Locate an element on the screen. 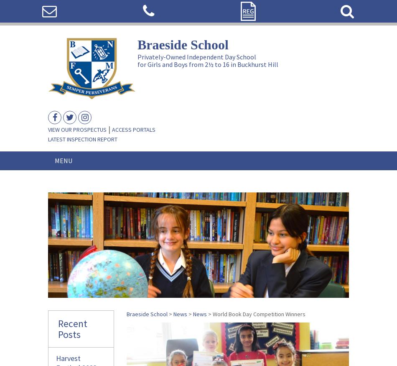  'Privately-Owned Independent Day School' is located at coordinates (196, 56).